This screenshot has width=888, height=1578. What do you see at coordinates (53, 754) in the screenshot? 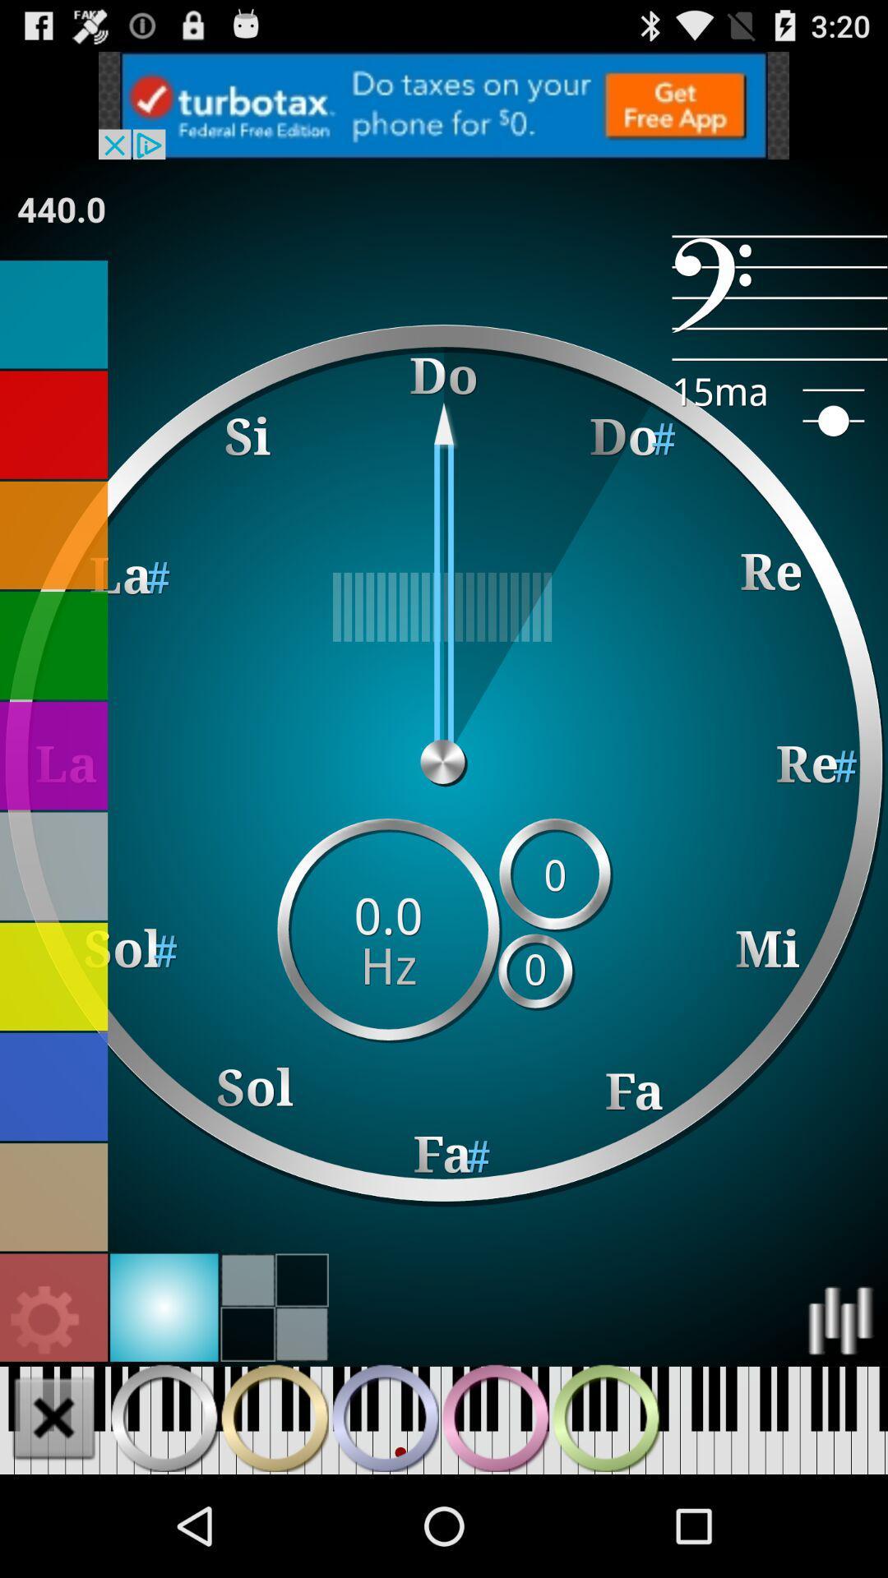
I see `color` at bounding box center [53, 754].